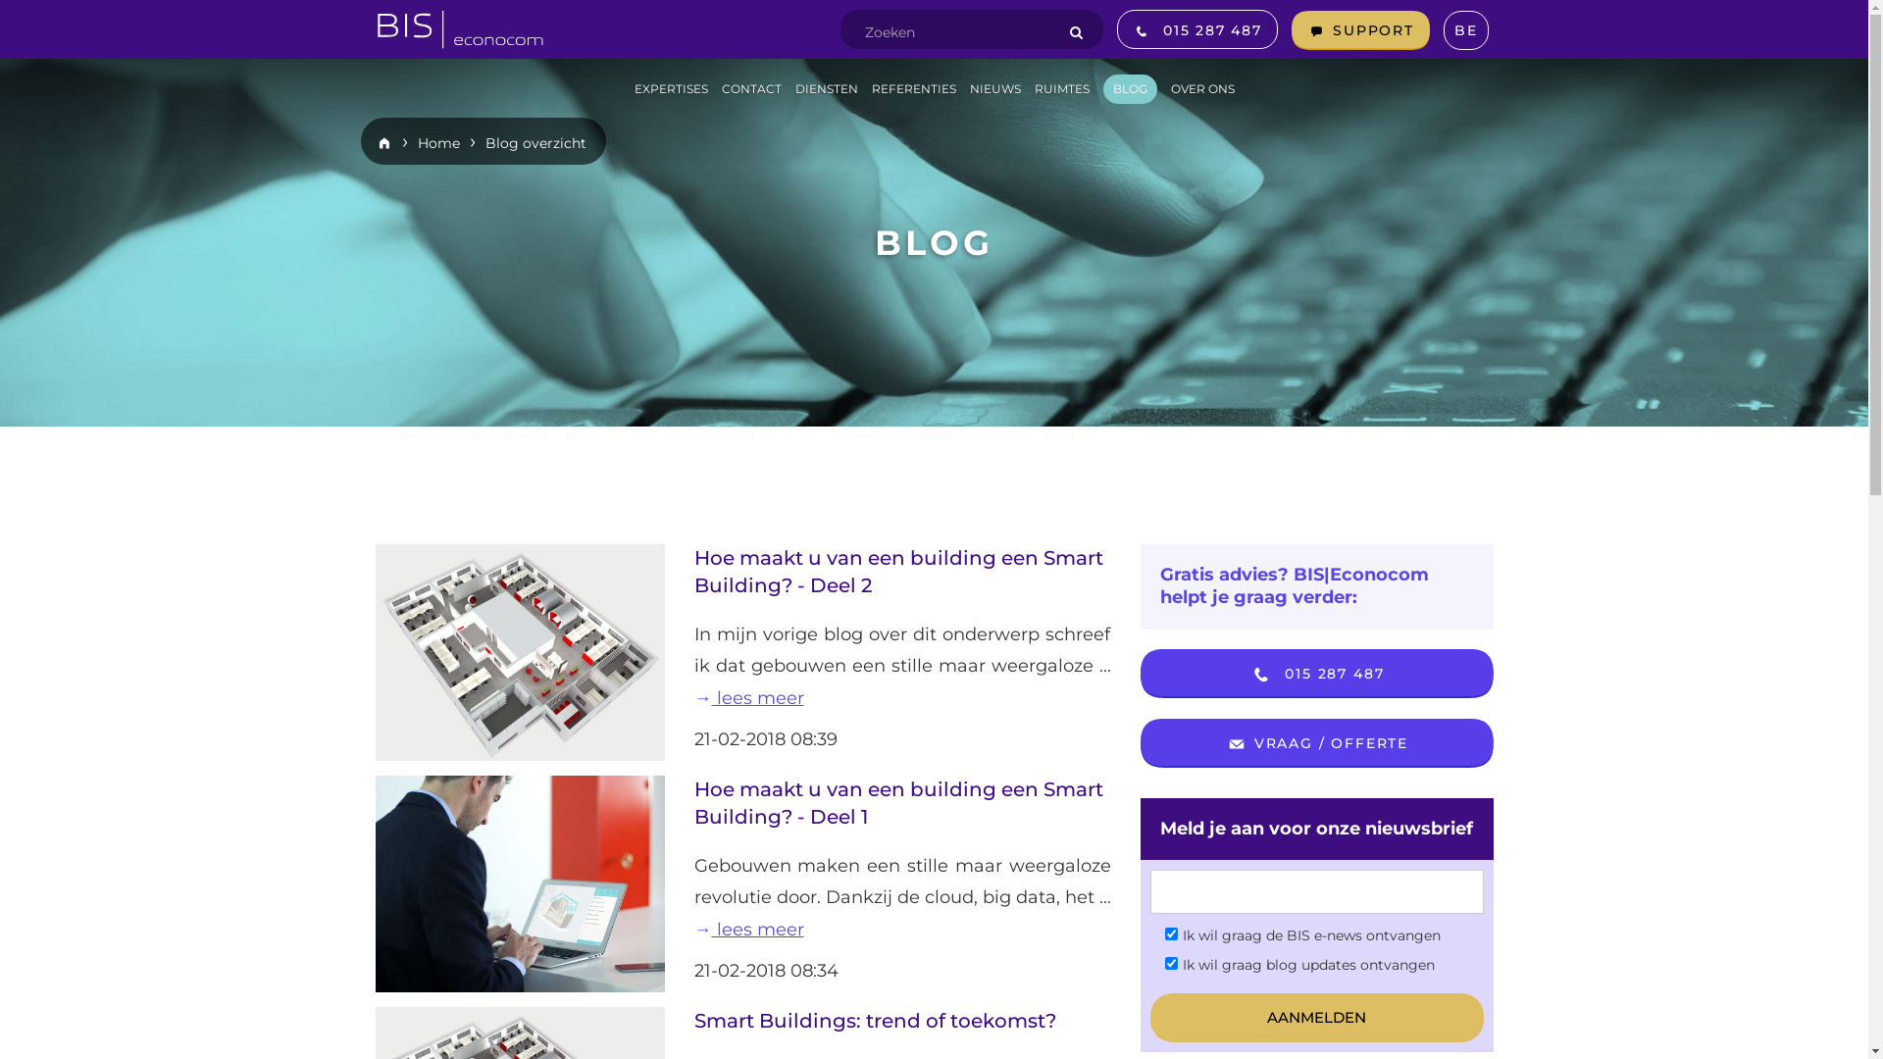 The width and height of the screenshot is (1883, 1059). Describe the element at coordinates (437, 142) in the screenshot. I see `'Home'` at that location.